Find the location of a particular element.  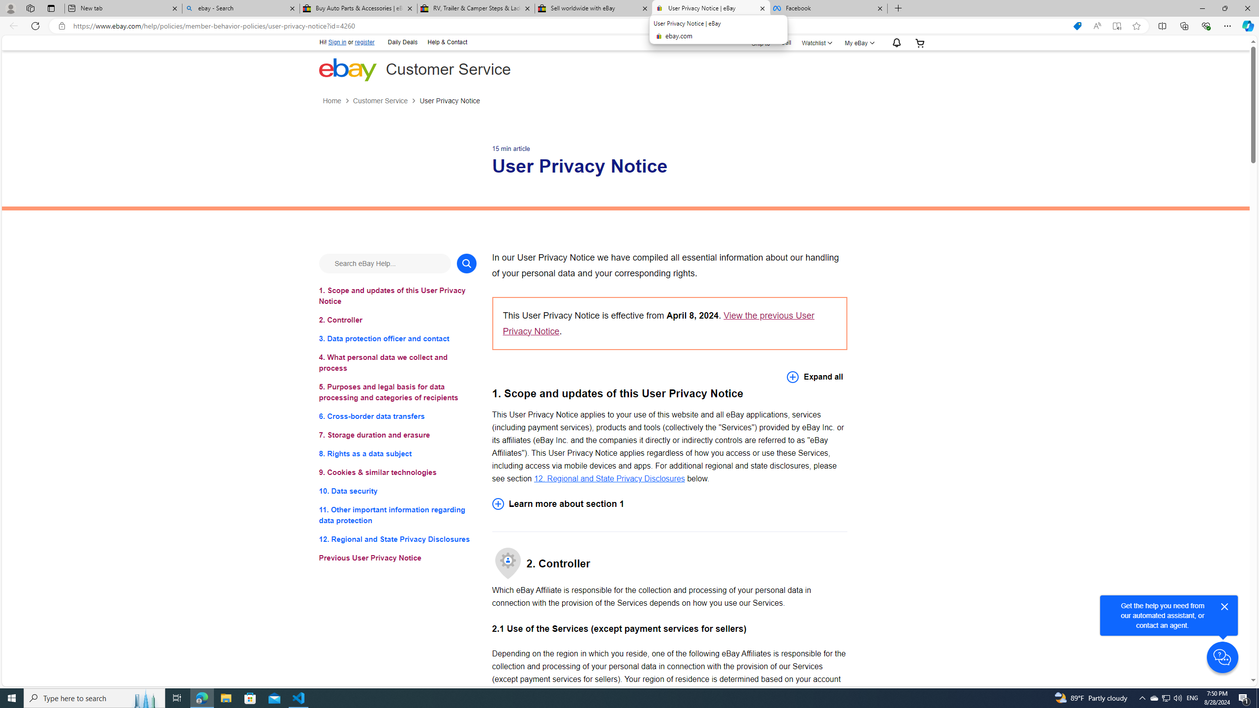

'Help & Contact' is located at coordinates (447, 41).